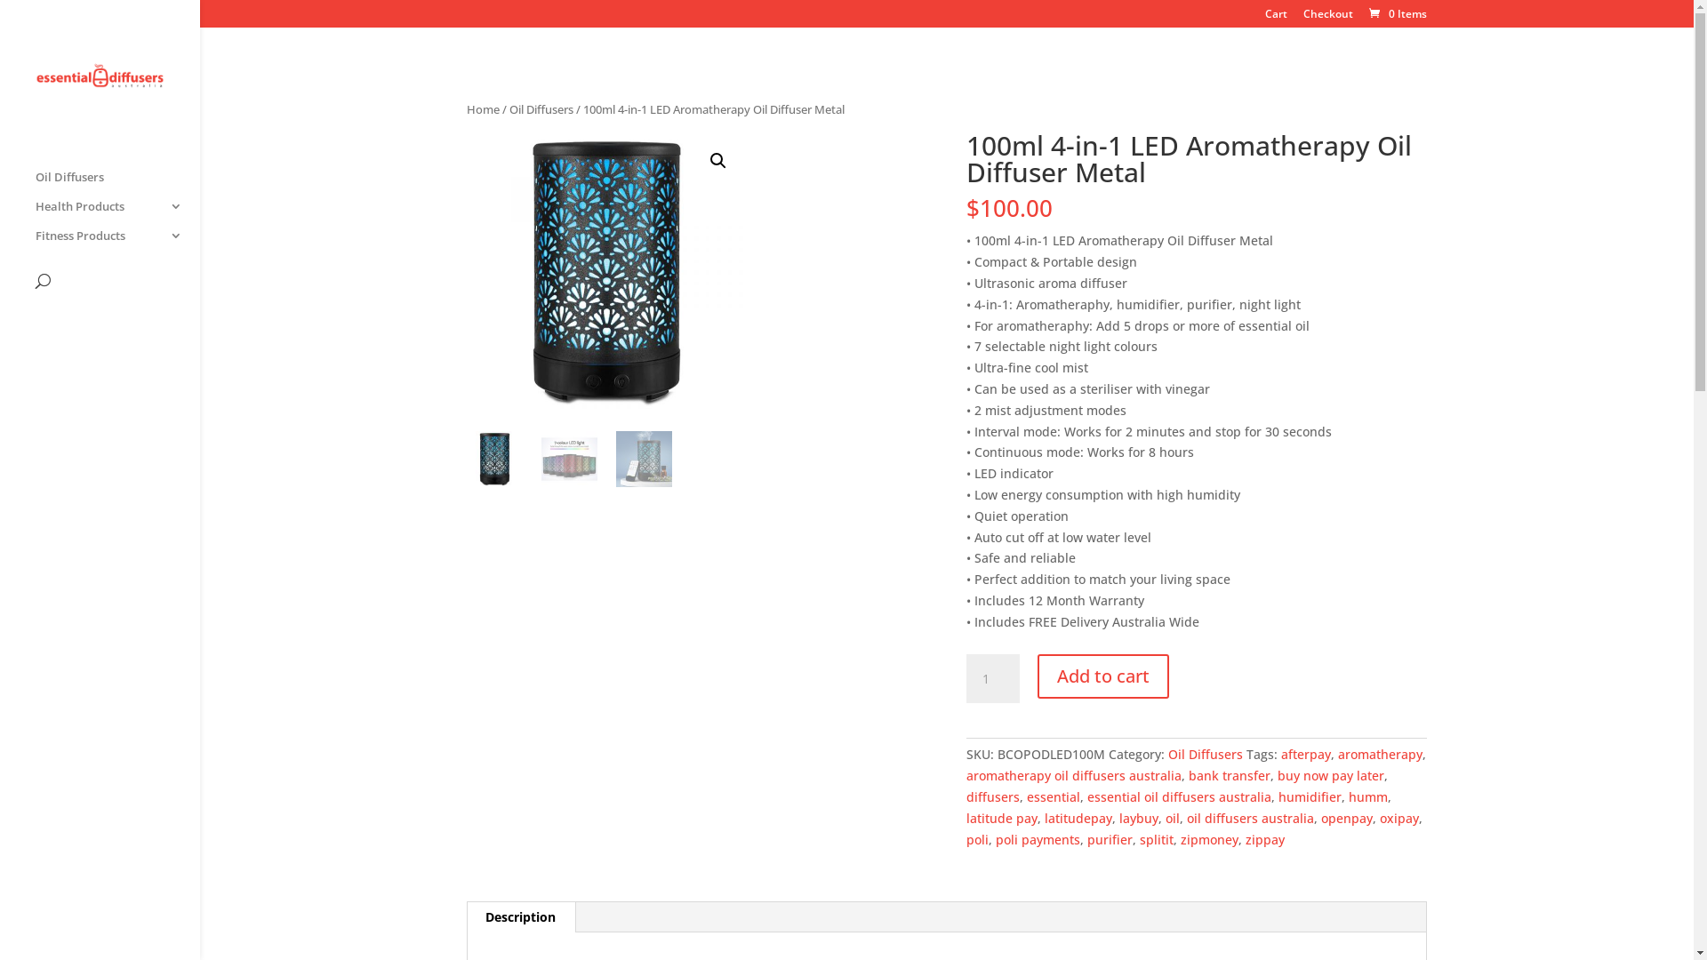 This screenshot has height=960, width=1707. Describe the element at coordinates (1139, 818) in the screenshot. I see `'laybuy'` at that location.